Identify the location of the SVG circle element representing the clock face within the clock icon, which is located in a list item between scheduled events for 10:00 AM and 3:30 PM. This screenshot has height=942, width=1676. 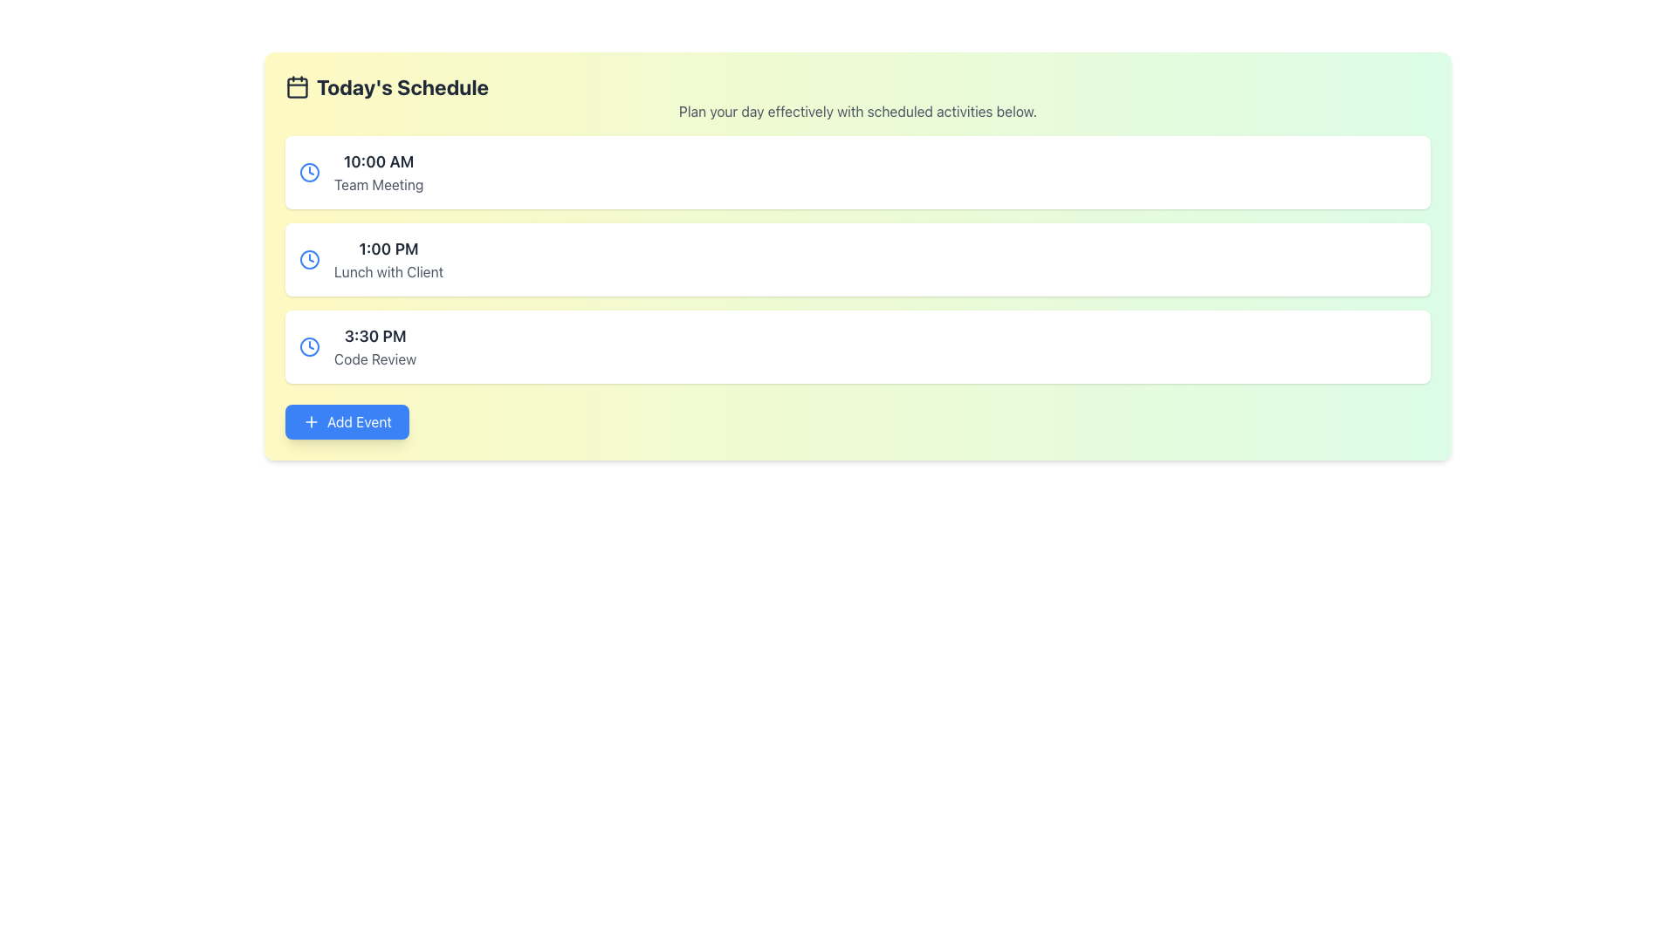
(310, 259).